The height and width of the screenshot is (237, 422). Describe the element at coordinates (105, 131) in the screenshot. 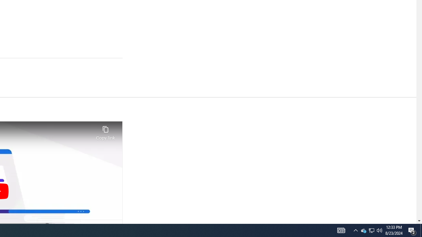

I see `'Copy link'` at that location.